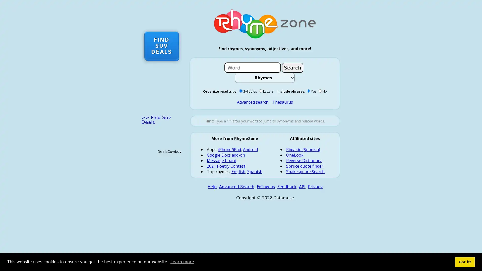  I want to click on dismiss cookie message, so click(465, 262).